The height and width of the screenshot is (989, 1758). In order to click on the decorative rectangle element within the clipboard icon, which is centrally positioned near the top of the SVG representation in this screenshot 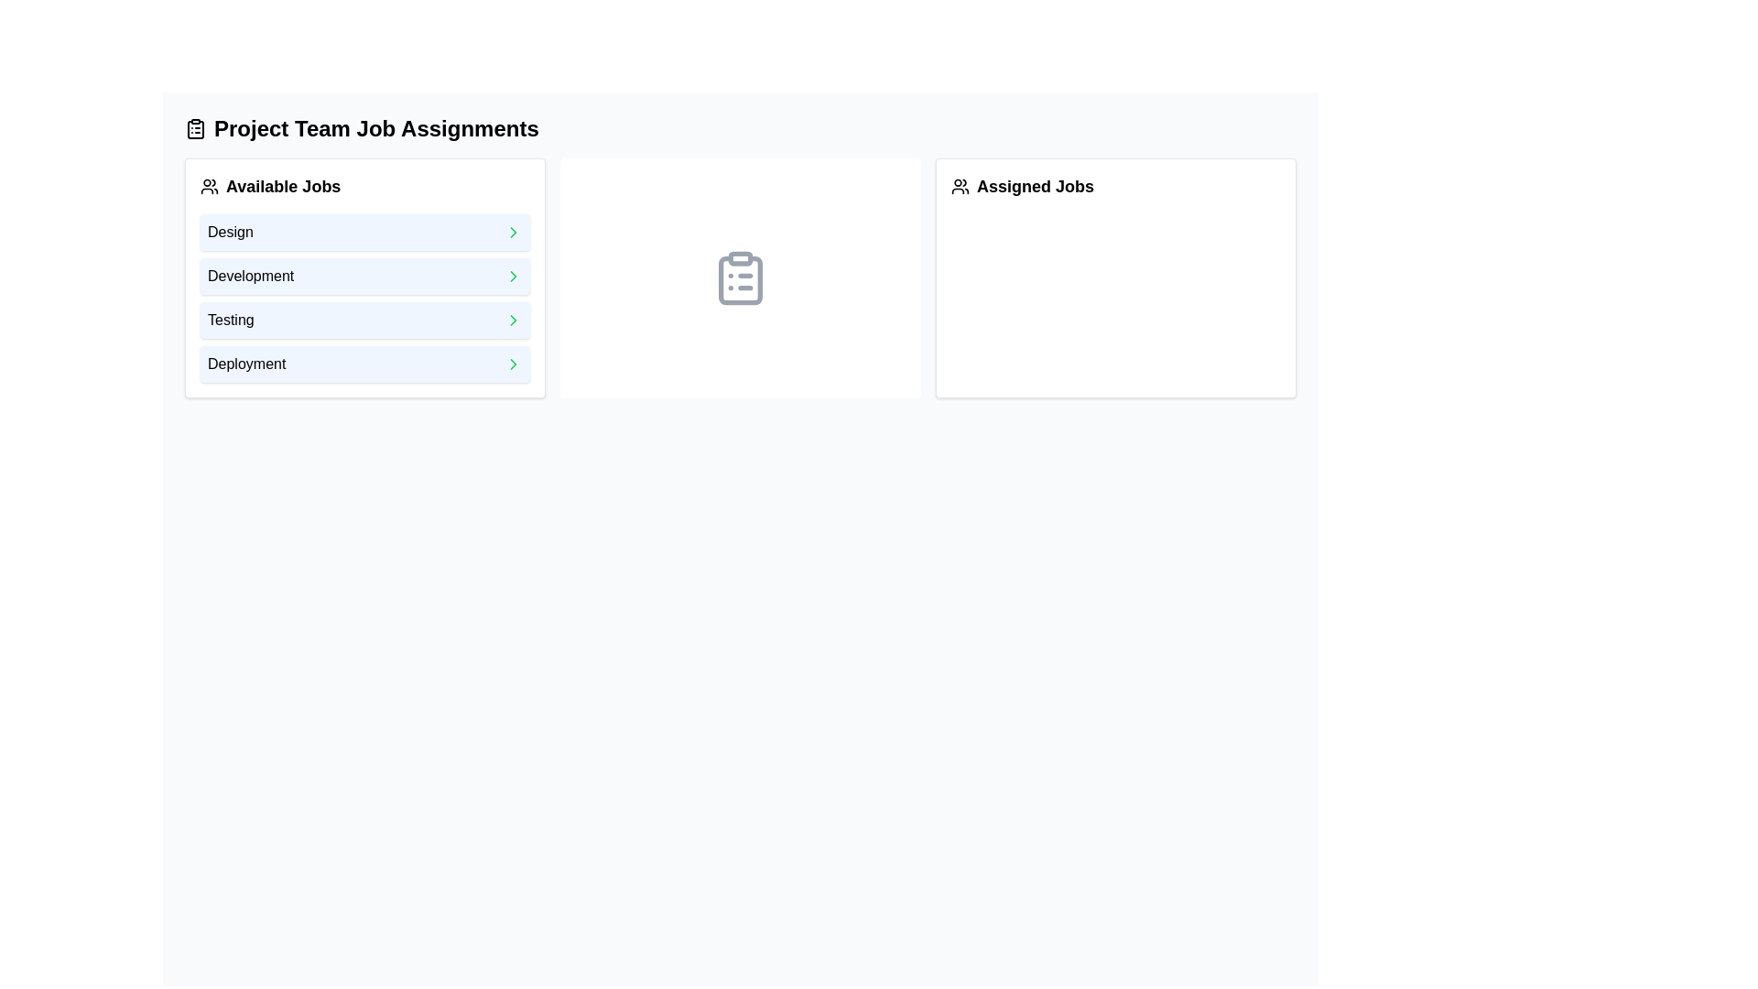, I will do `click(741, 257)`.